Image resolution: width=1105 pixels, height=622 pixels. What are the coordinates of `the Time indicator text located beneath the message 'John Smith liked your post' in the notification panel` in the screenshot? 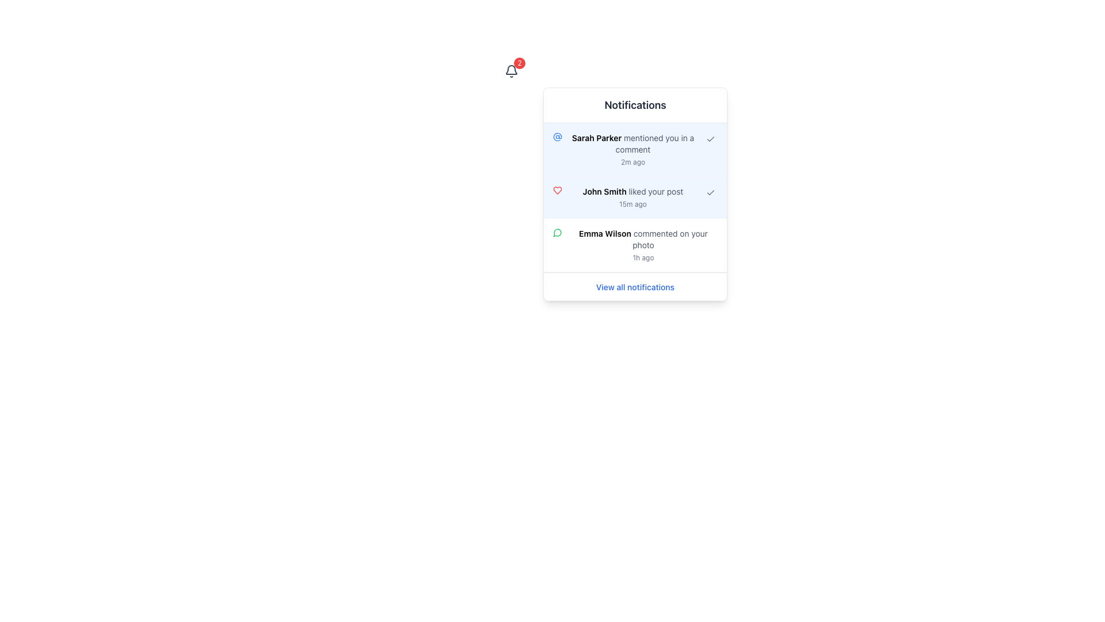 It's located at (632, 203).